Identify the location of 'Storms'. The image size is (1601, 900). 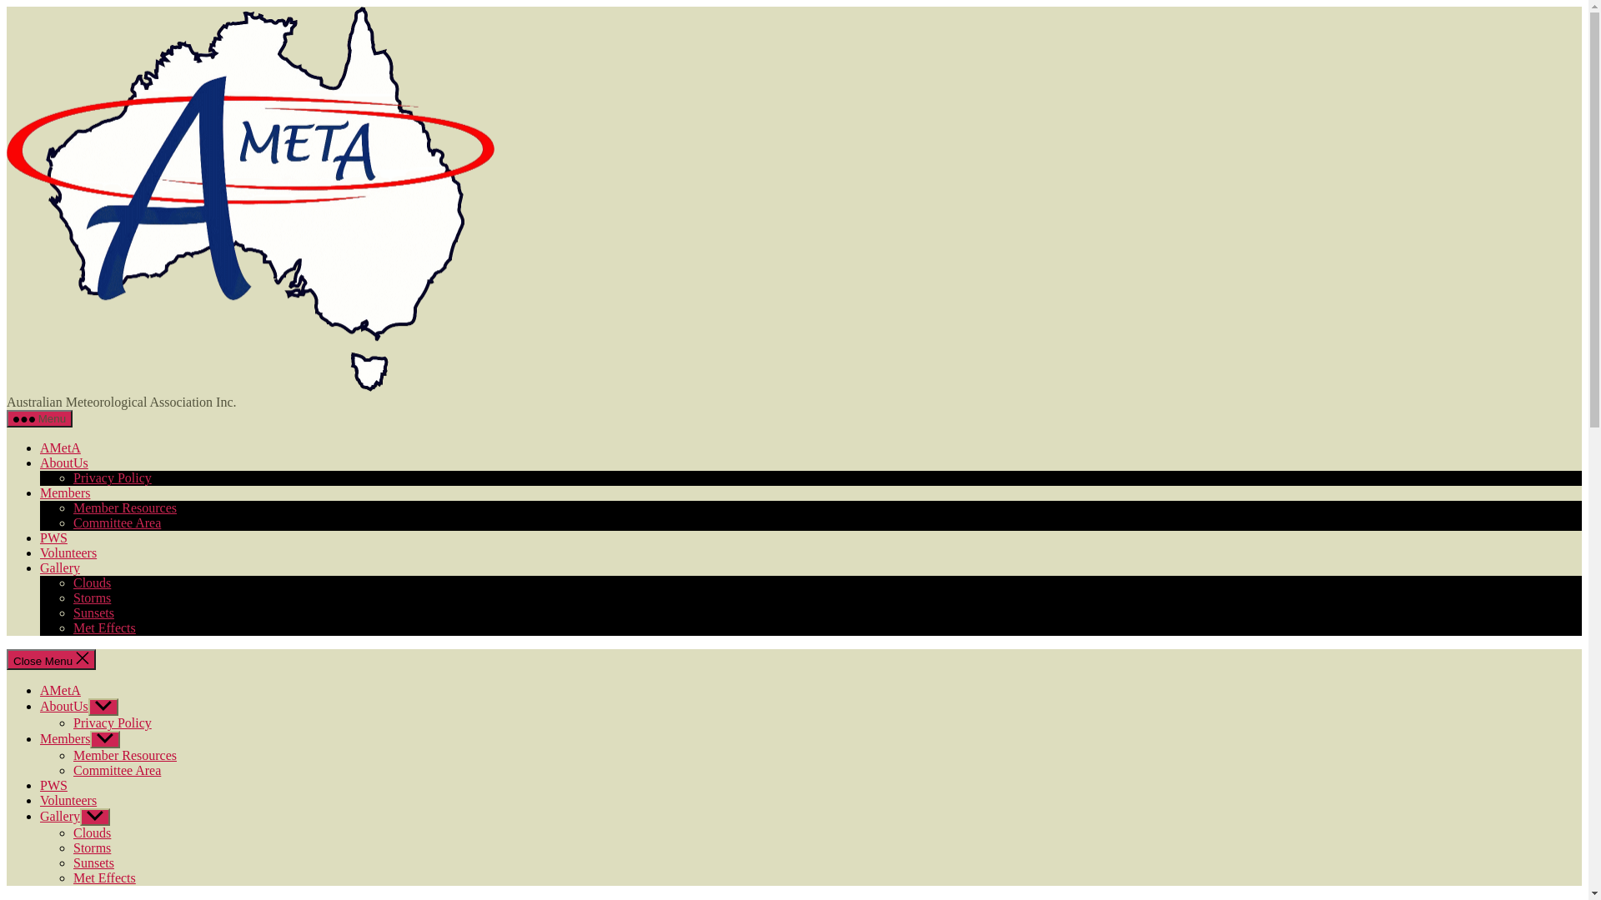
(91, 597).